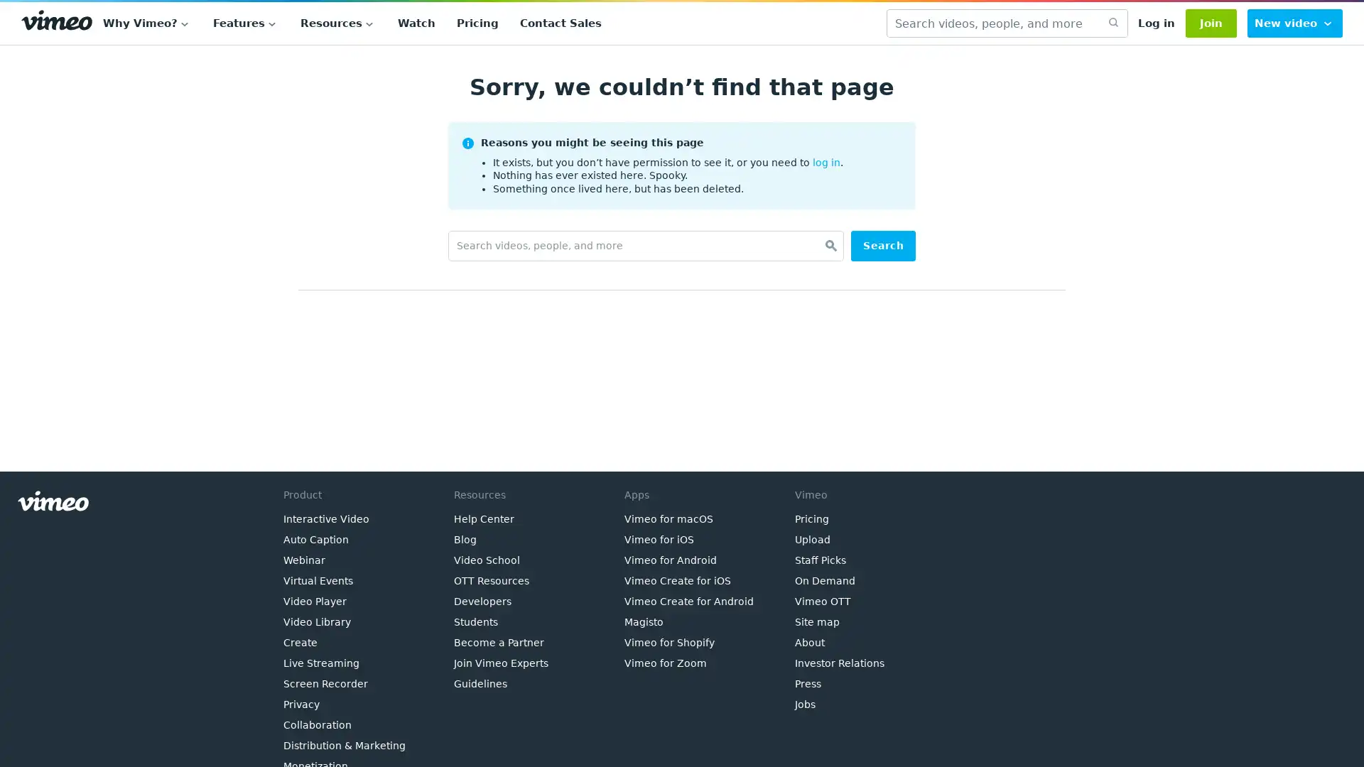 The image size is (1364, 767). I want to click on submit, so click(1112, 23).